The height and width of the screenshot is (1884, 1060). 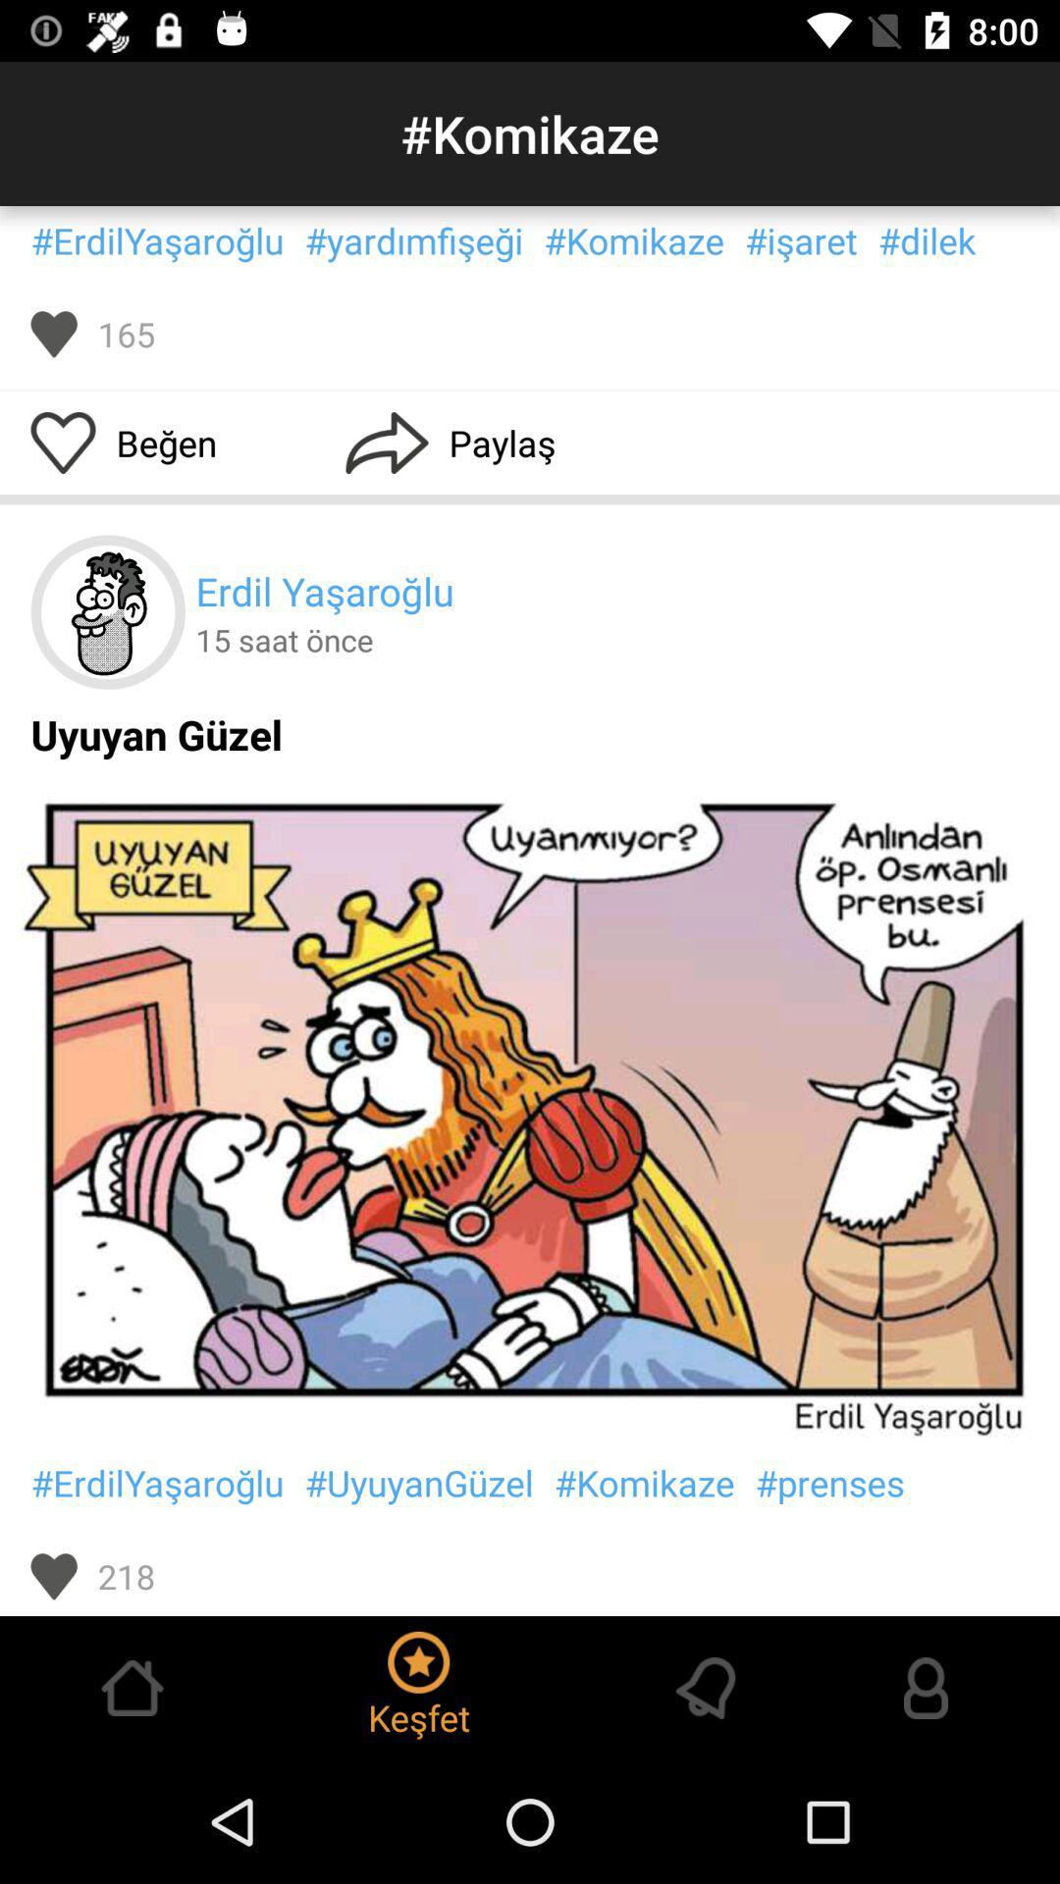 I want to click on the heart beside 165, so click(x=53, y=334).